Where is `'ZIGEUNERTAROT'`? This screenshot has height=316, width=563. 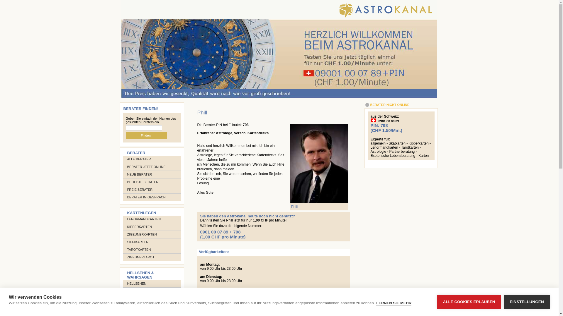 'ZIGEUNERTAROT' is located at coordinates (141, 257).